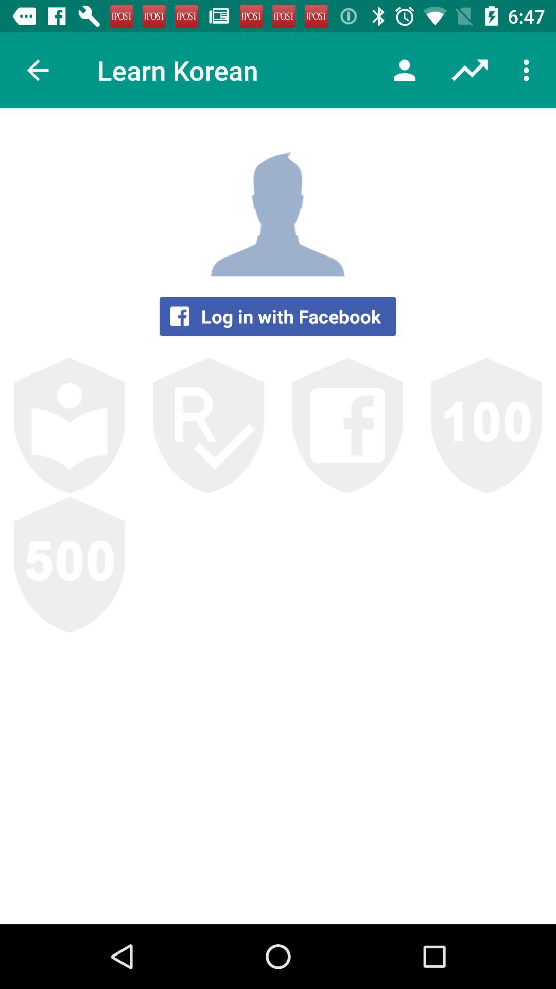 Image resolution: width=556 pixels, height=989 pixels. I want to click on the icon next to the learn korean item, so click(404, 70).